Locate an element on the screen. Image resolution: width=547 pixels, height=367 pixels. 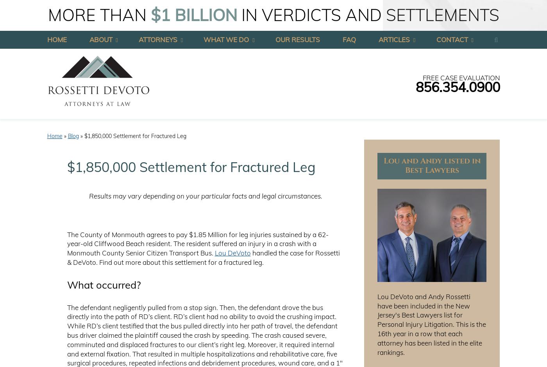
'Blog' is located at coordinates (73, 135).